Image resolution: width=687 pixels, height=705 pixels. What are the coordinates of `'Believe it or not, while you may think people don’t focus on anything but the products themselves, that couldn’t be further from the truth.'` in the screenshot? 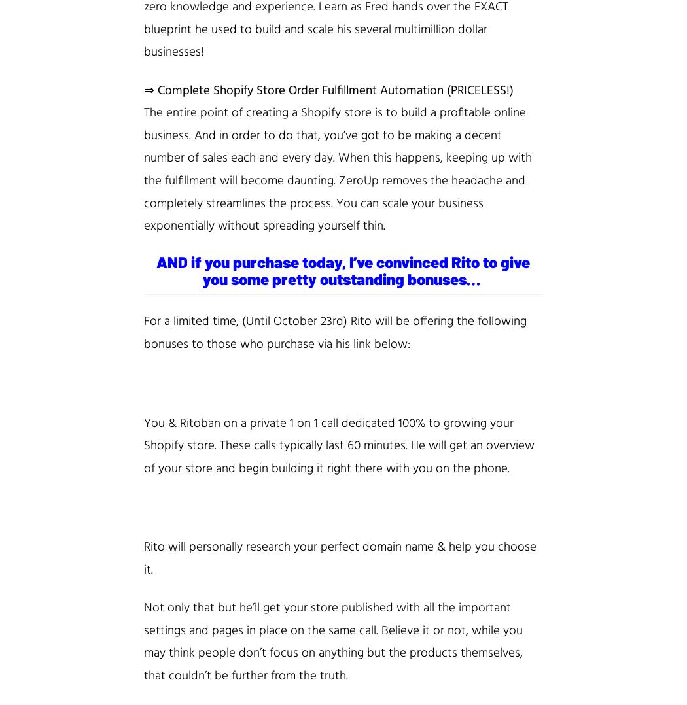 It's located at (332, 653).